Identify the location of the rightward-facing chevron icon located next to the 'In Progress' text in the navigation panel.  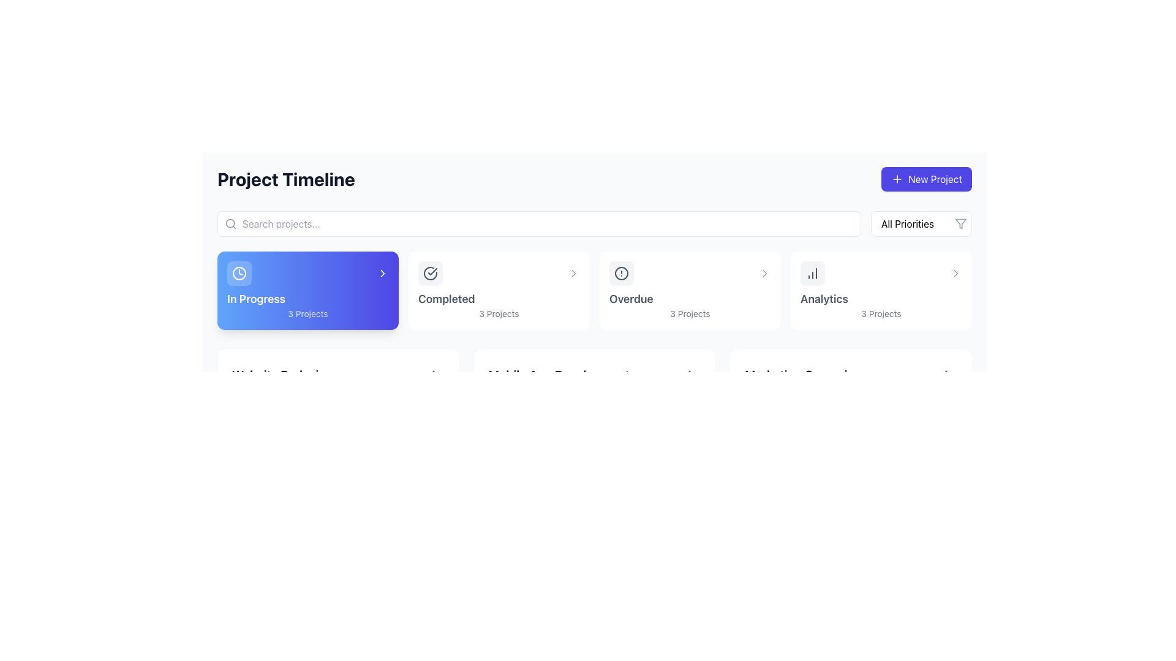
(764, 273).